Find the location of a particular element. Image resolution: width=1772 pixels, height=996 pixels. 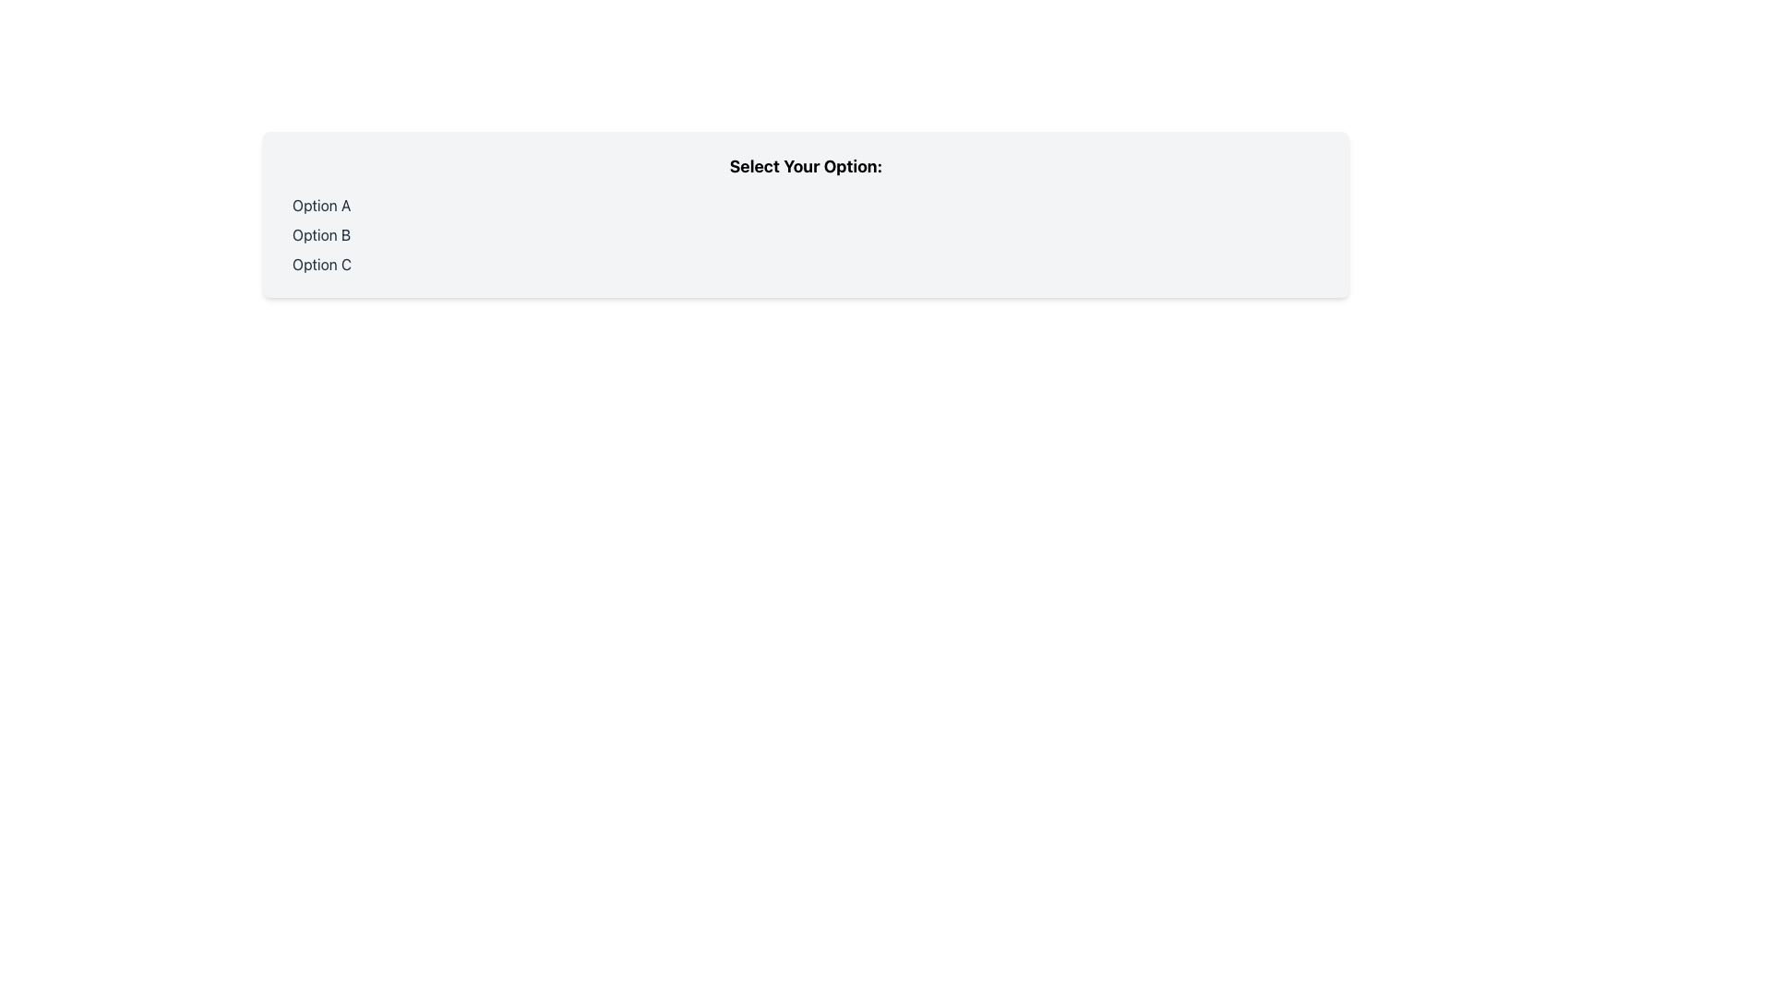

the text label displaying 'Option A', which is the first option in a vertical list of options aligned to the left is located at coordinates (321, 206).